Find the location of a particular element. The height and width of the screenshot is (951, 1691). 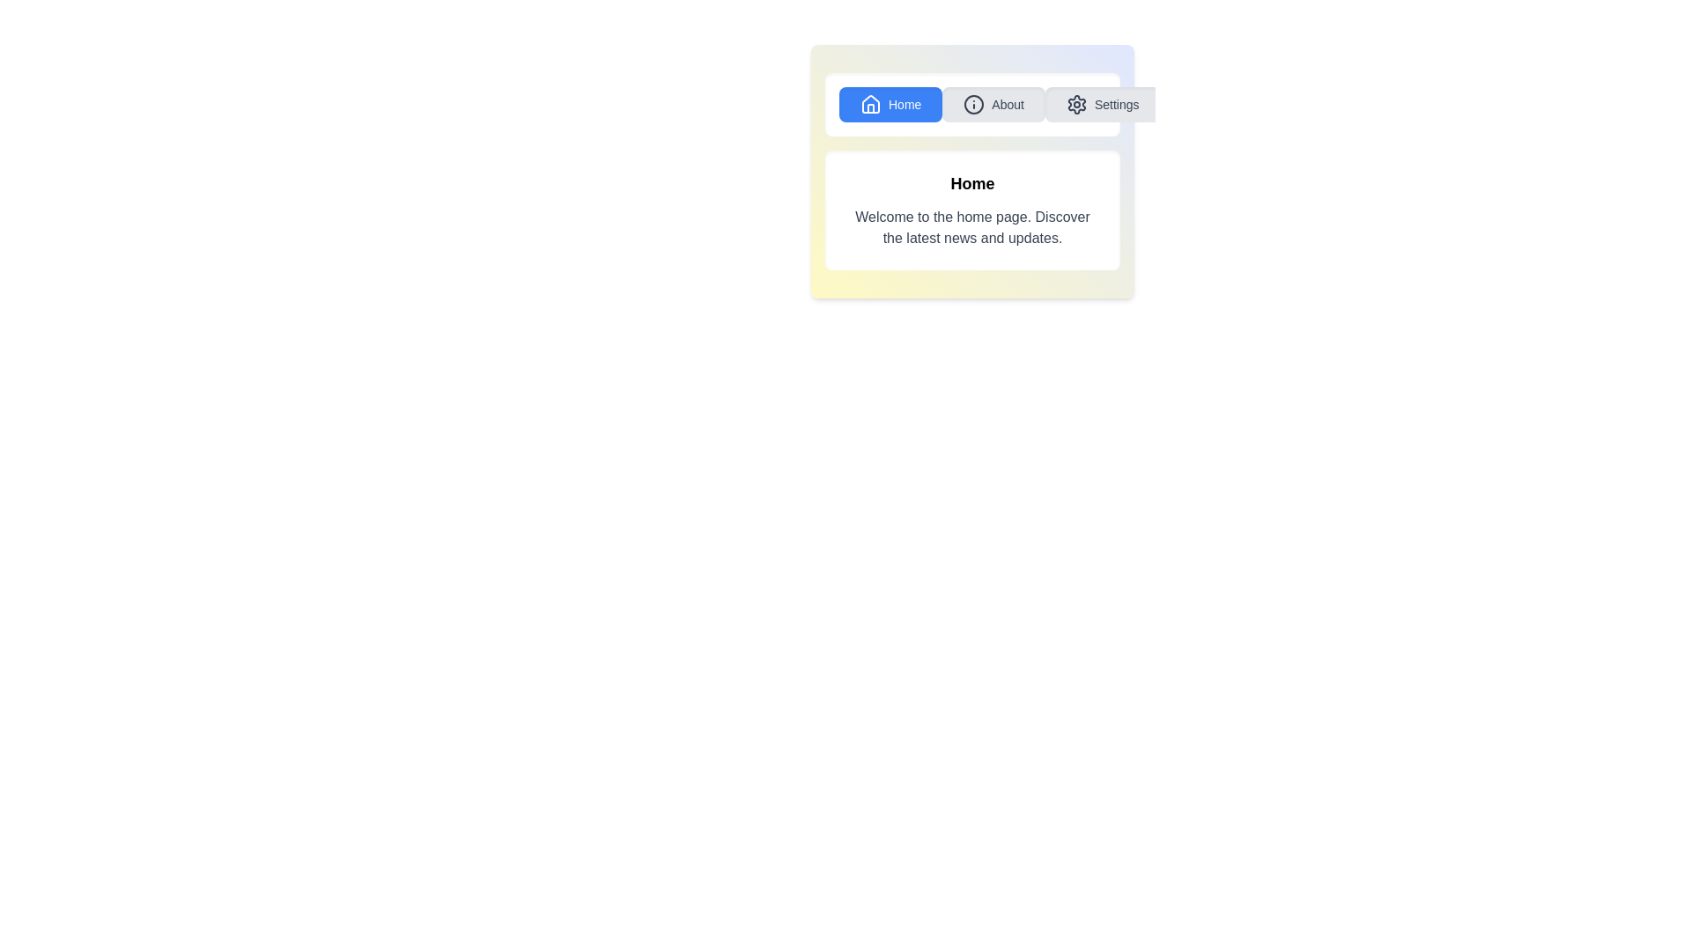

the Settings tab to display its content is located at coordinates (1102, 105).